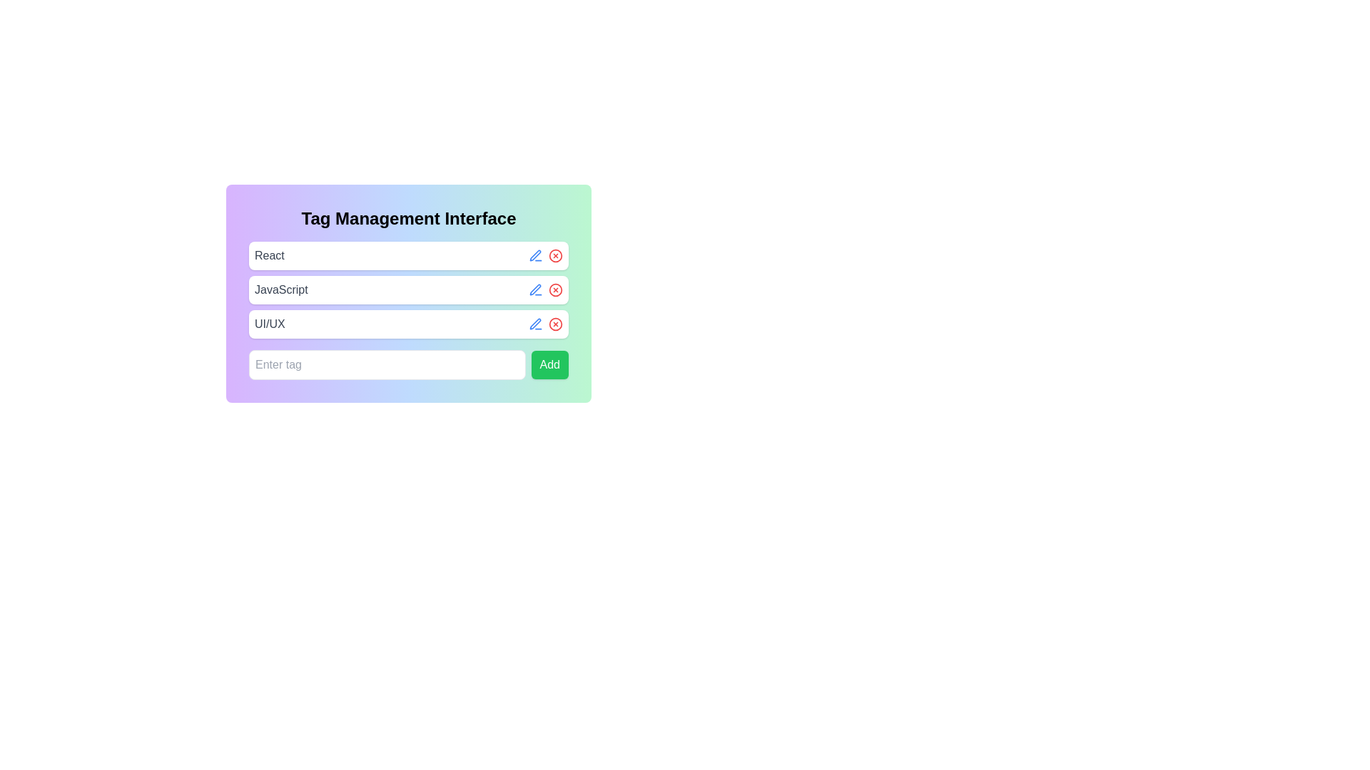  Describe the element at coordinates (534, 289) in the screenshot. I see `the small, pen-shaped edit icon located next to the 'JavaScript' text input field` at that location.